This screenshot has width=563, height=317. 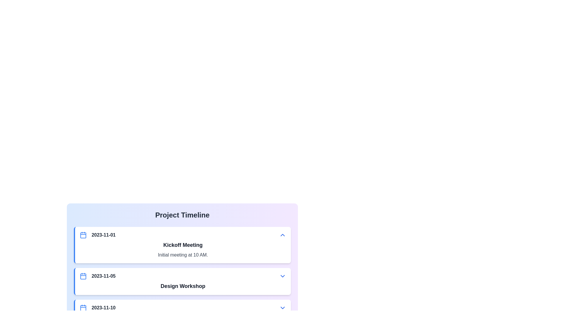 What do you see at coordinates (182, 281) in the screenshot?
I see `the event corresponding to 2023-11-05` at bounding box center [182, 281].